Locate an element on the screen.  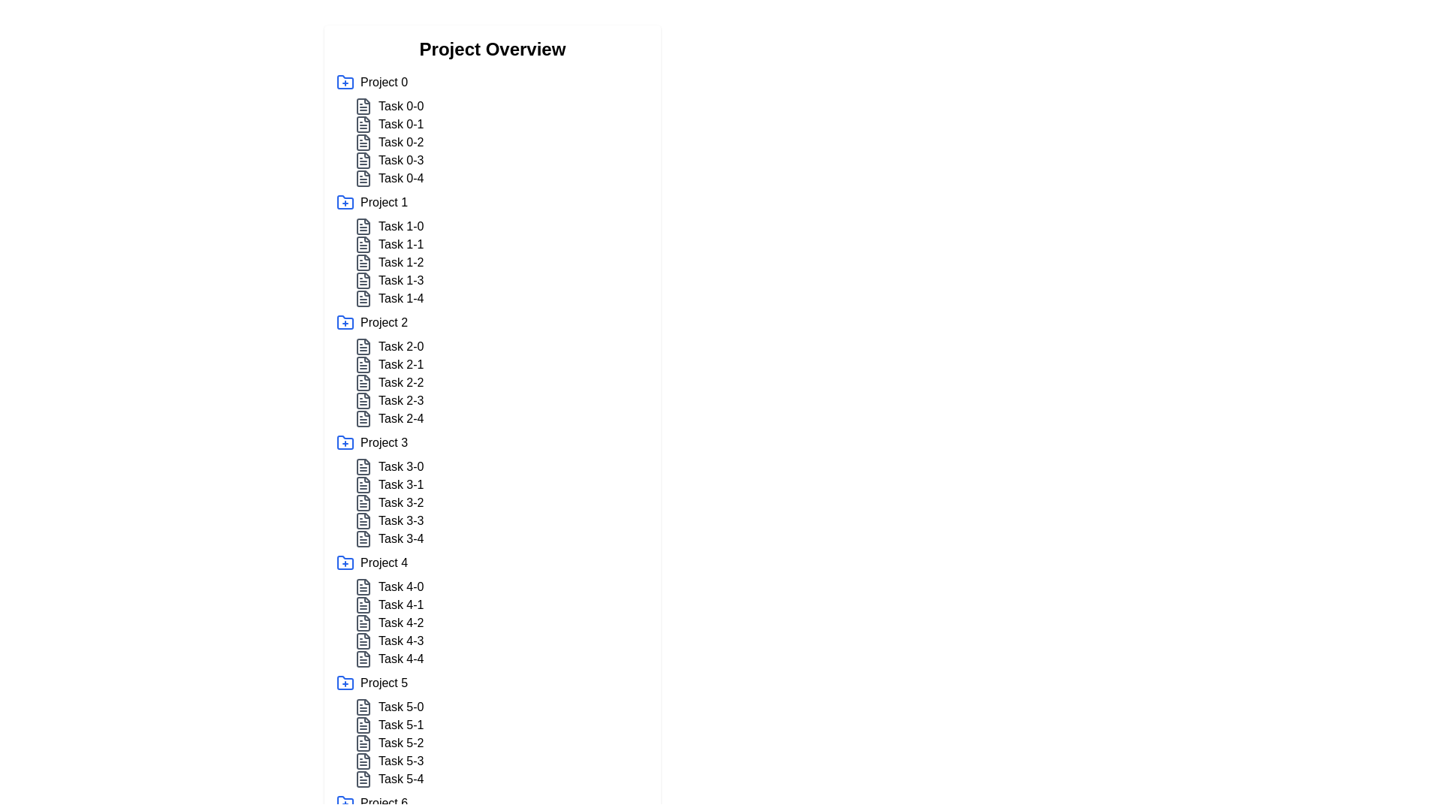
the document icon associated with the 'Task 1-2' item, located under the 'Task 1-2' label is located at coordinates (364, 262).